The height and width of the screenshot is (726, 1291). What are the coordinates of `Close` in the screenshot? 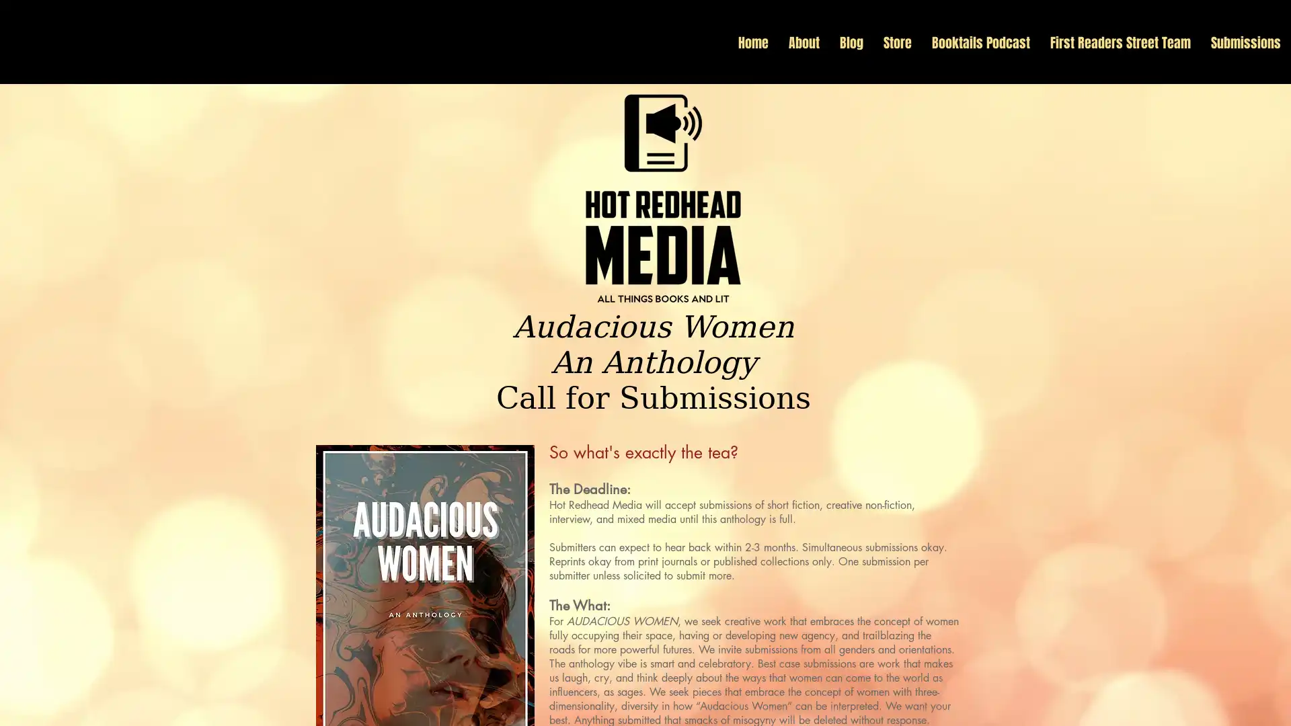 It's located at (1274, 702).